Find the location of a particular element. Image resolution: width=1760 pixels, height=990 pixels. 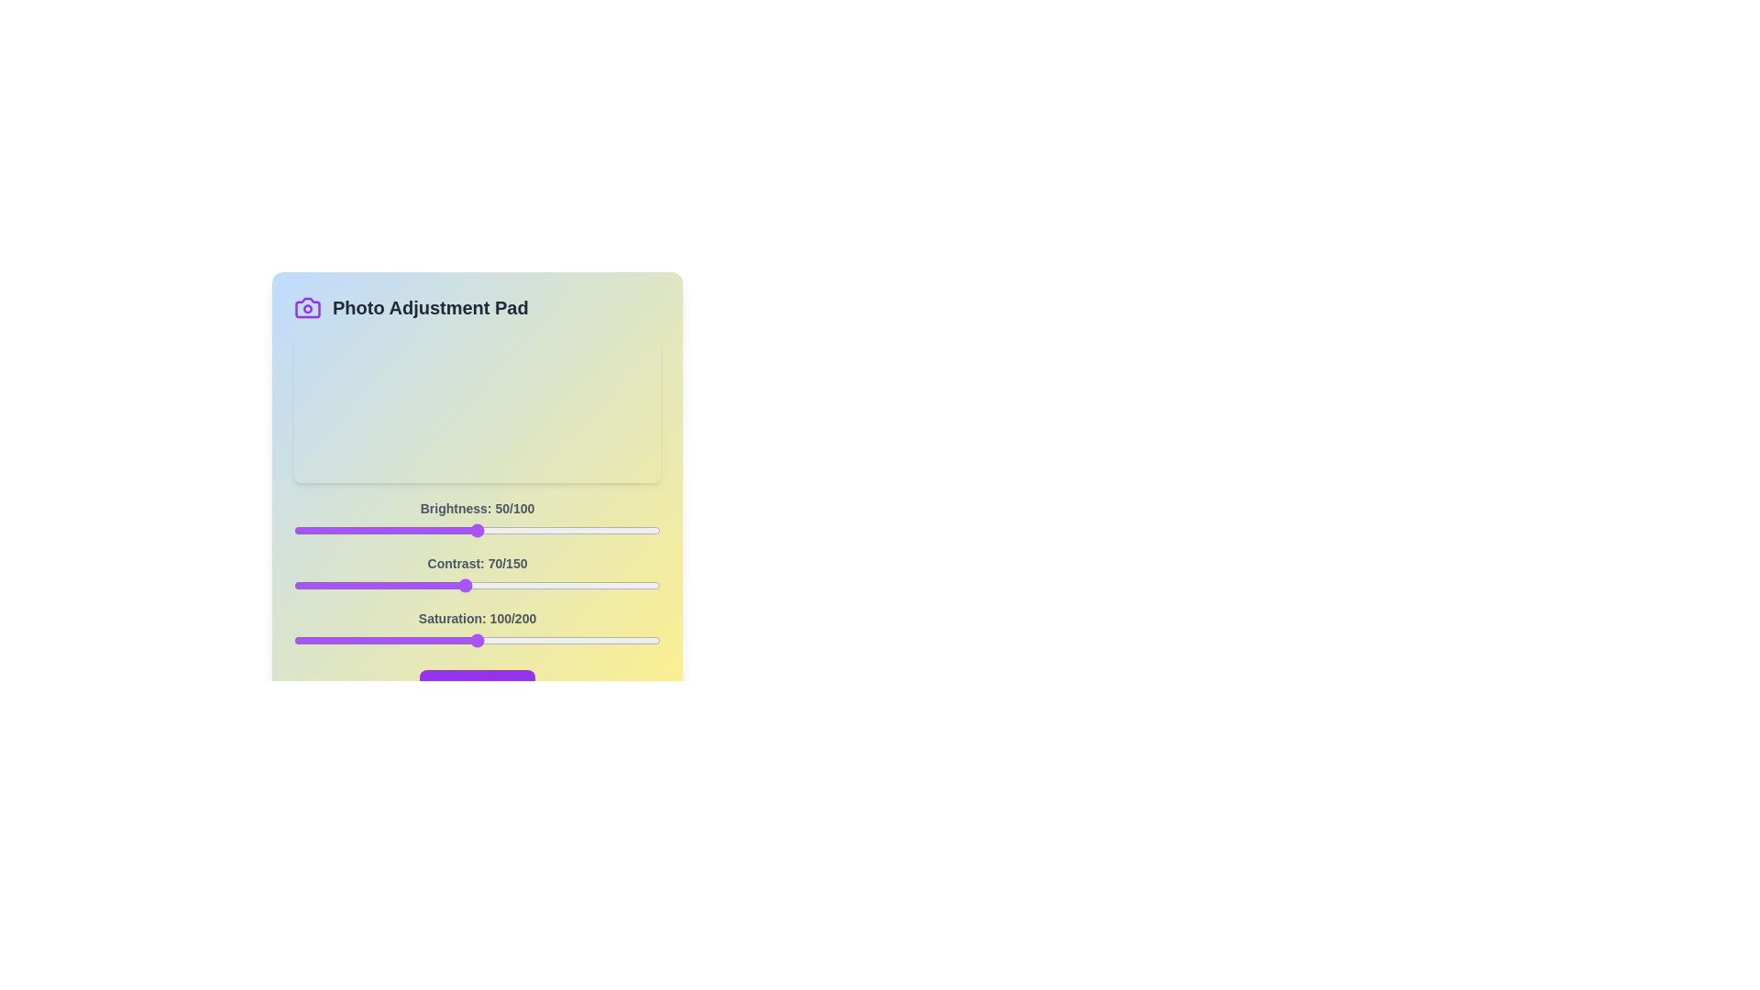

the 'Apply Changes' button is located at coordinates (477, 686).